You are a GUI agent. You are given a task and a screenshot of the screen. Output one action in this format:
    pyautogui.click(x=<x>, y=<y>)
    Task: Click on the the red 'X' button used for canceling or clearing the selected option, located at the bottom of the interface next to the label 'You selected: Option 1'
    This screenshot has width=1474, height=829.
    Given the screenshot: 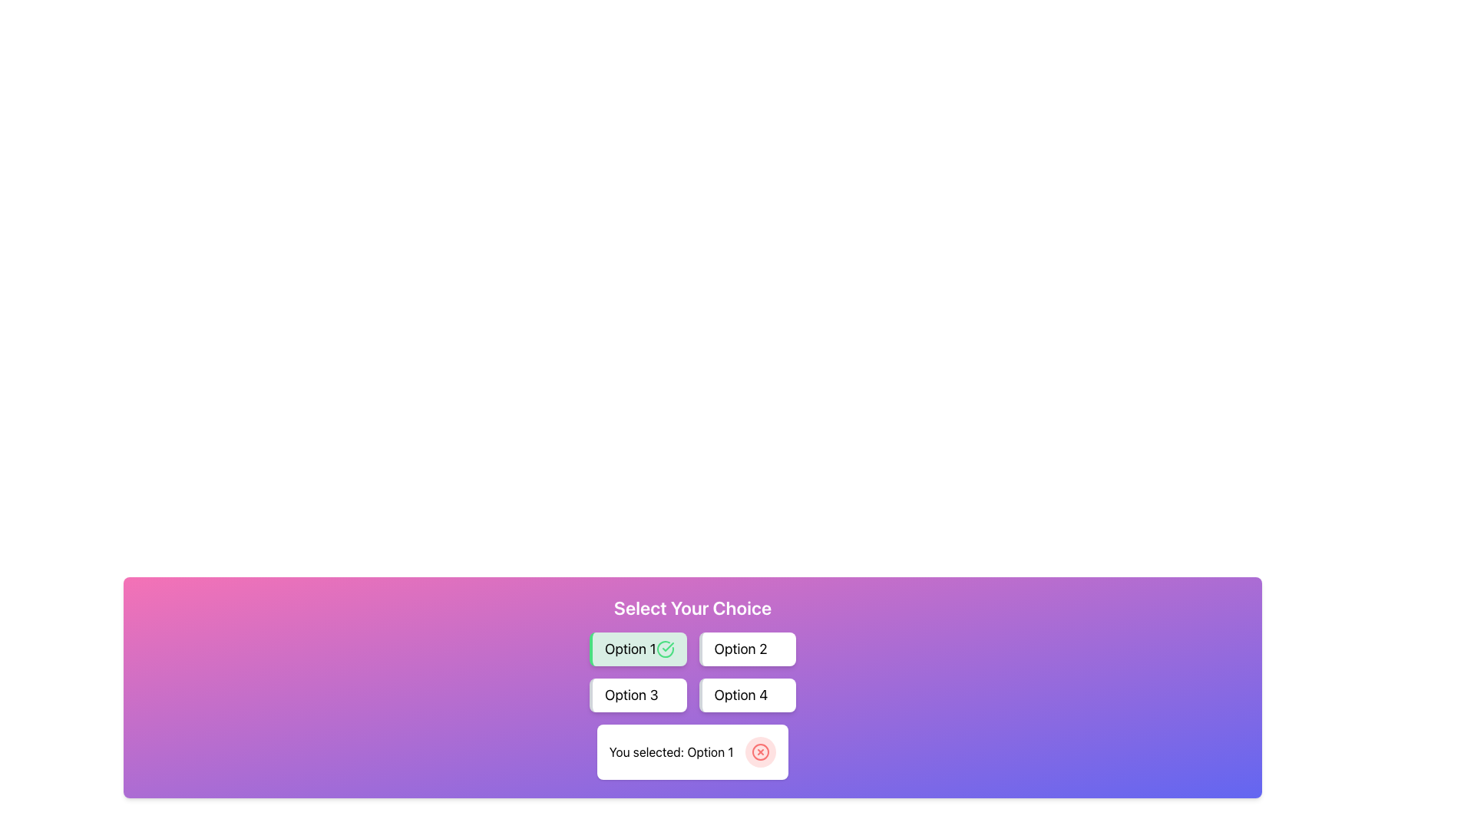 What is the action you would take?
    pyautogui.click(x=761, y=751)
    